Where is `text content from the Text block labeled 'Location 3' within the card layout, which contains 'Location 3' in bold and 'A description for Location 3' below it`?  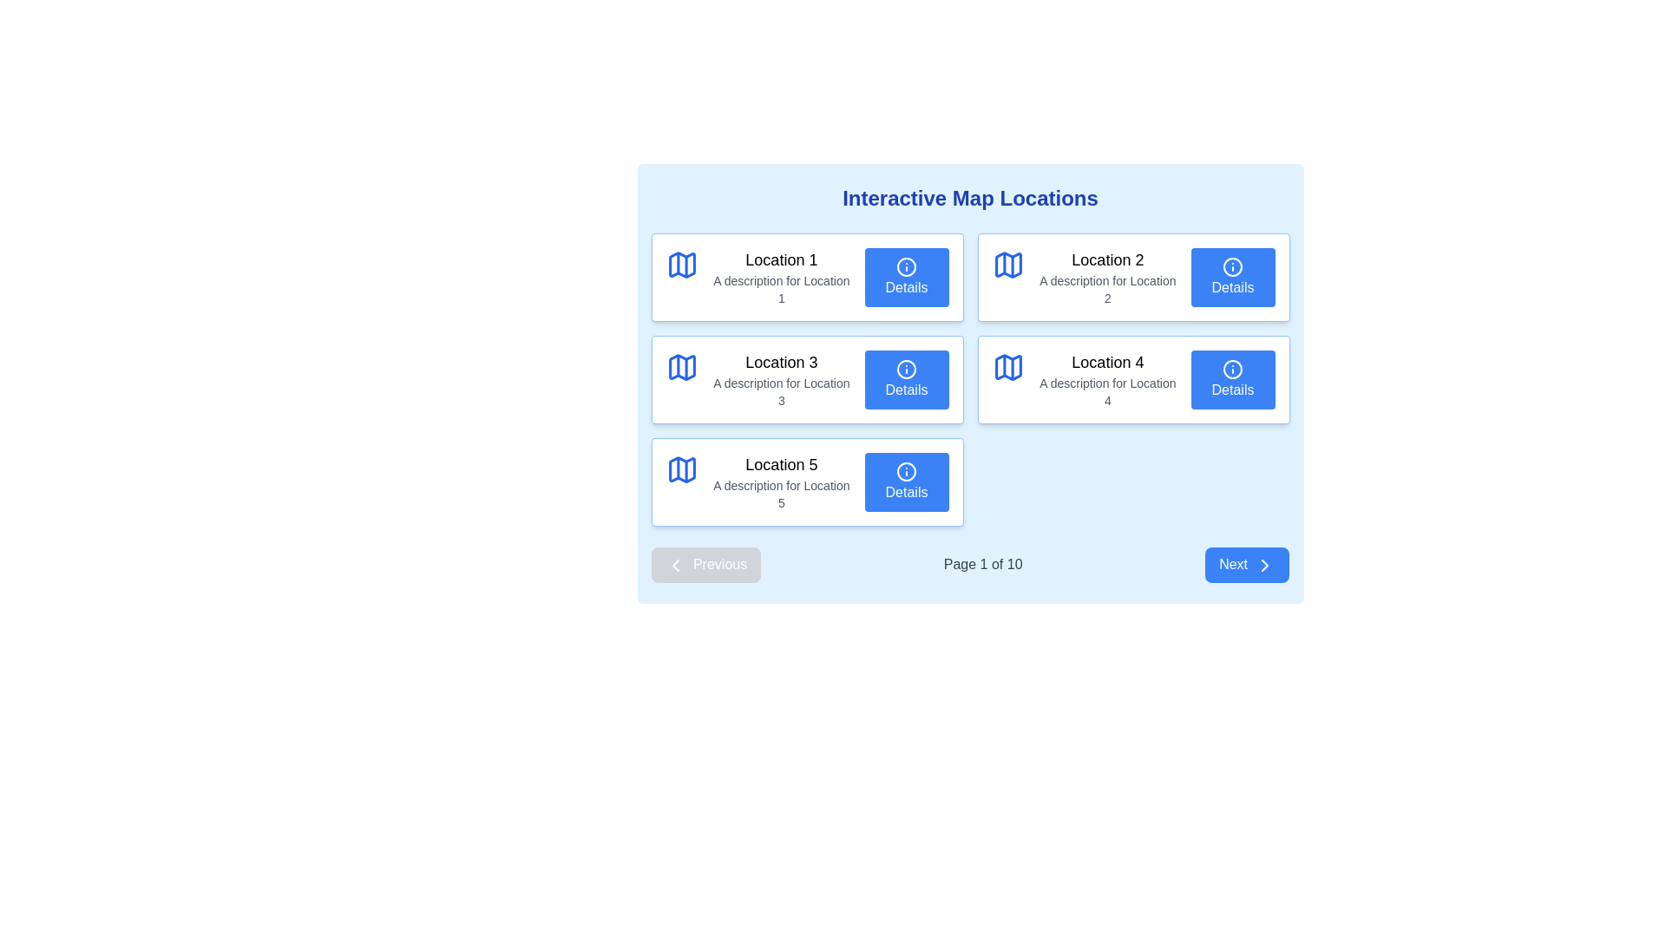
text content from the Text block labeled 'Location 3' within the card layout, which contains 'Location 3' in bold and 'A description for Location 3' below it is located at coordinates (780, 379).